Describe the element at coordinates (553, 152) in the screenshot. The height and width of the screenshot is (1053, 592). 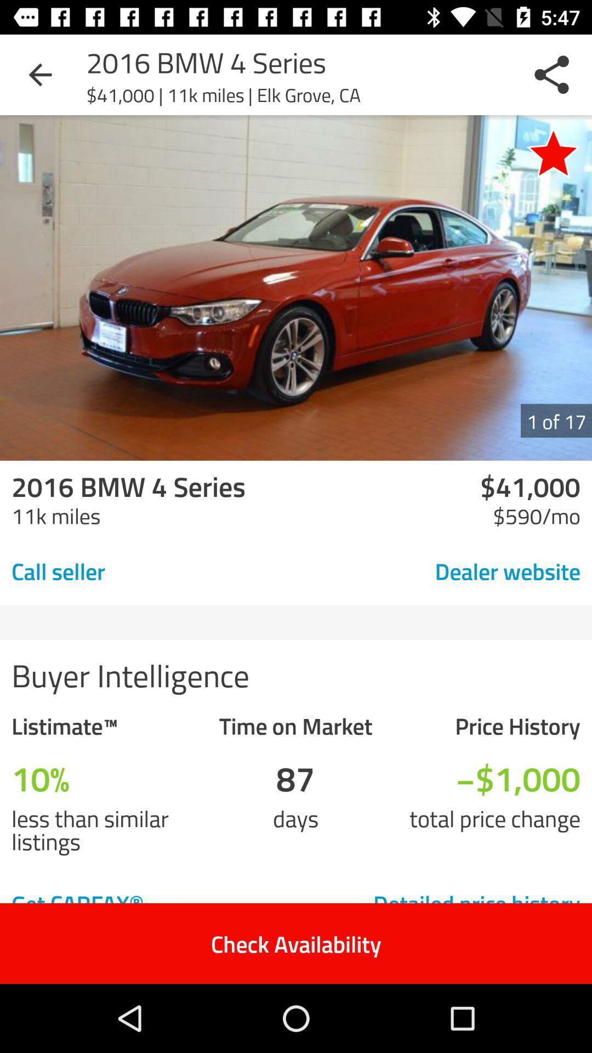
I see `the star icon` at that location.